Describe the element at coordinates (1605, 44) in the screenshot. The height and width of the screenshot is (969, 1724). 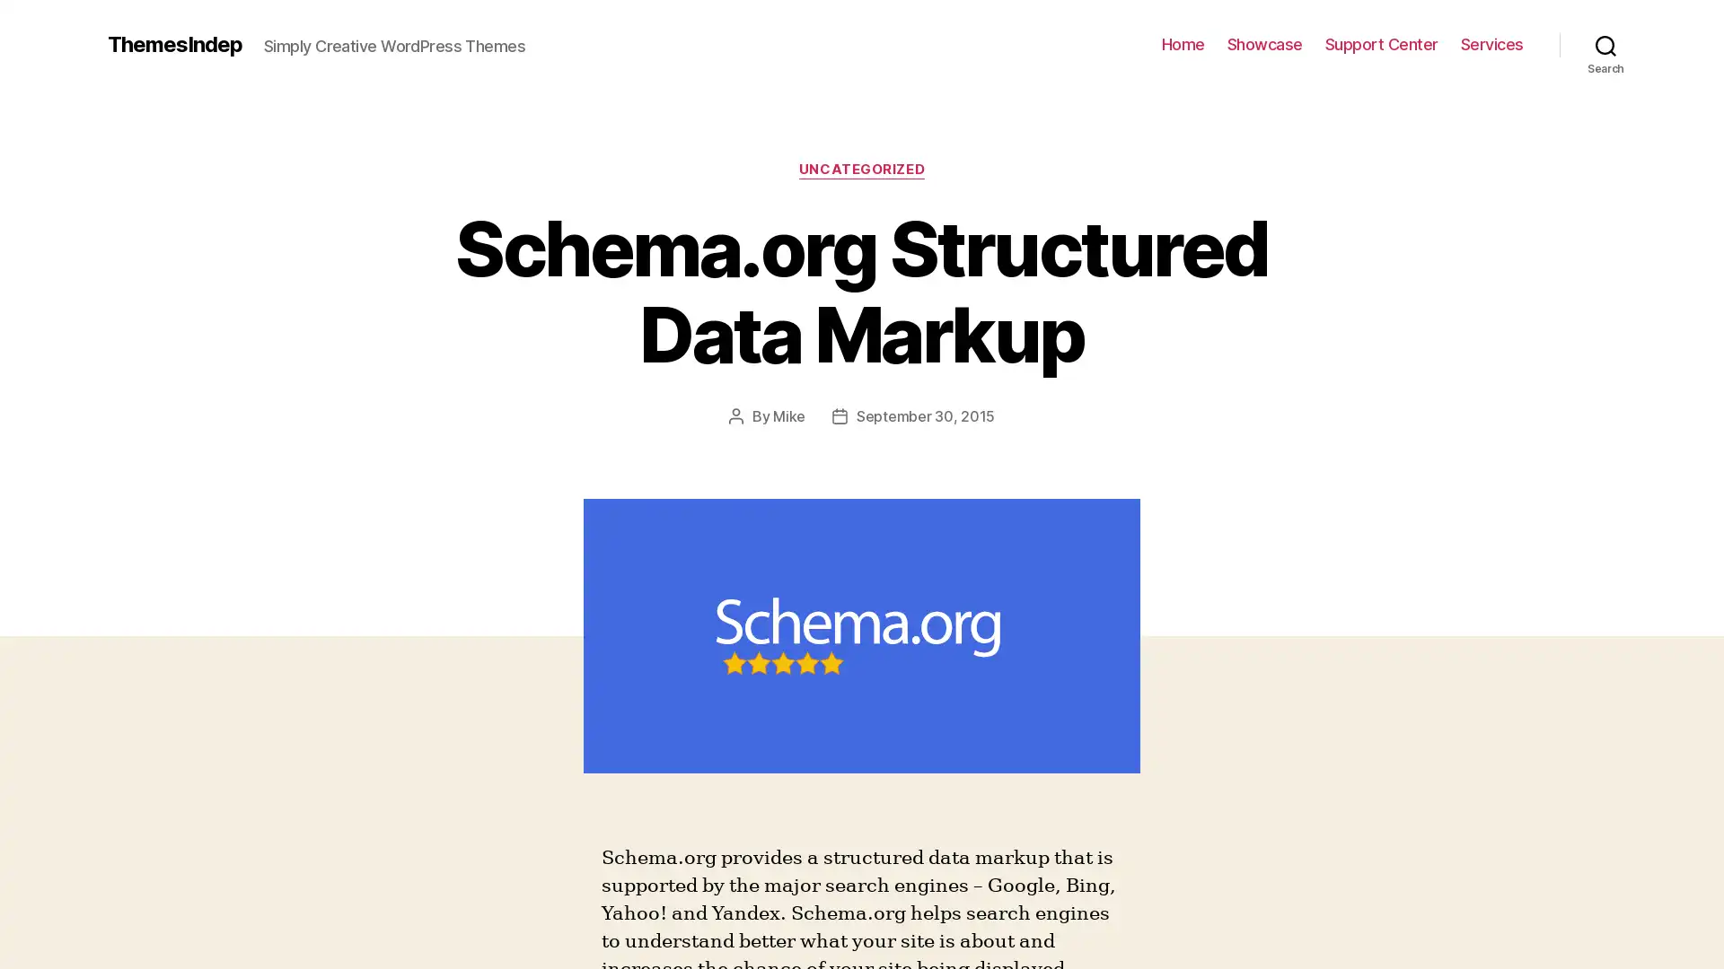
I see `Search` at that location.